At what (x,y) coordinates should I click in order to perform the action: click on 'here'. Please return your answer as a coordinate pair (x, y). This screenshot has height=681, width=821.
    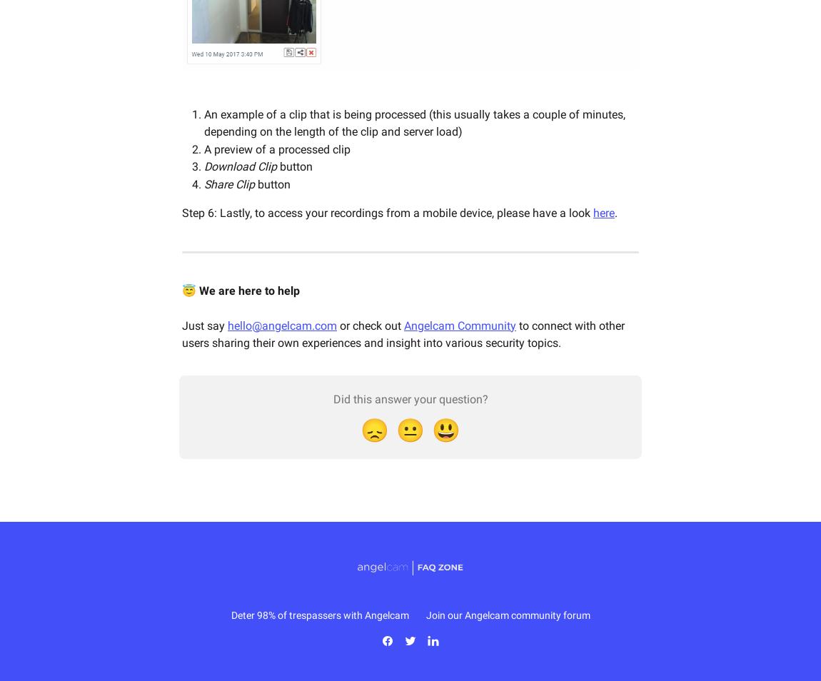
    Looking at the image, I should click on (603, 213).